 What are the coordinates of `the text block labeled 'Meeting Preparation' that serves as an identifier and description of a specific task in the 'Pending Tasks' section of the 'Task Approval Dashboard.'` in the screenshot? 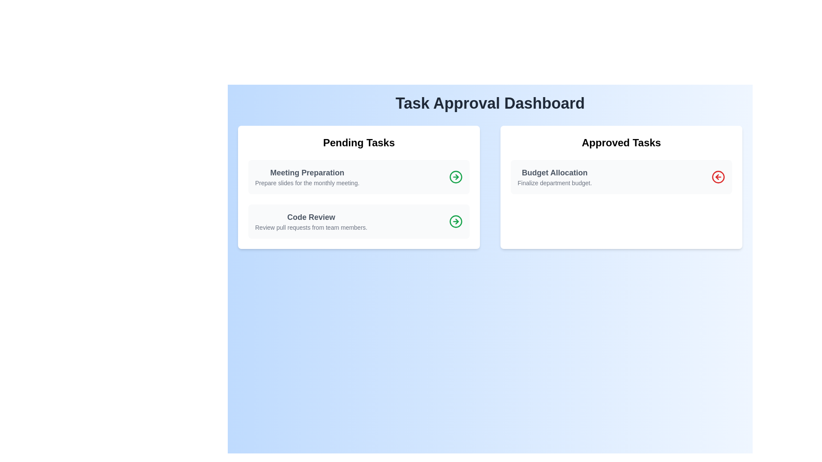 It's located at (307, 176).